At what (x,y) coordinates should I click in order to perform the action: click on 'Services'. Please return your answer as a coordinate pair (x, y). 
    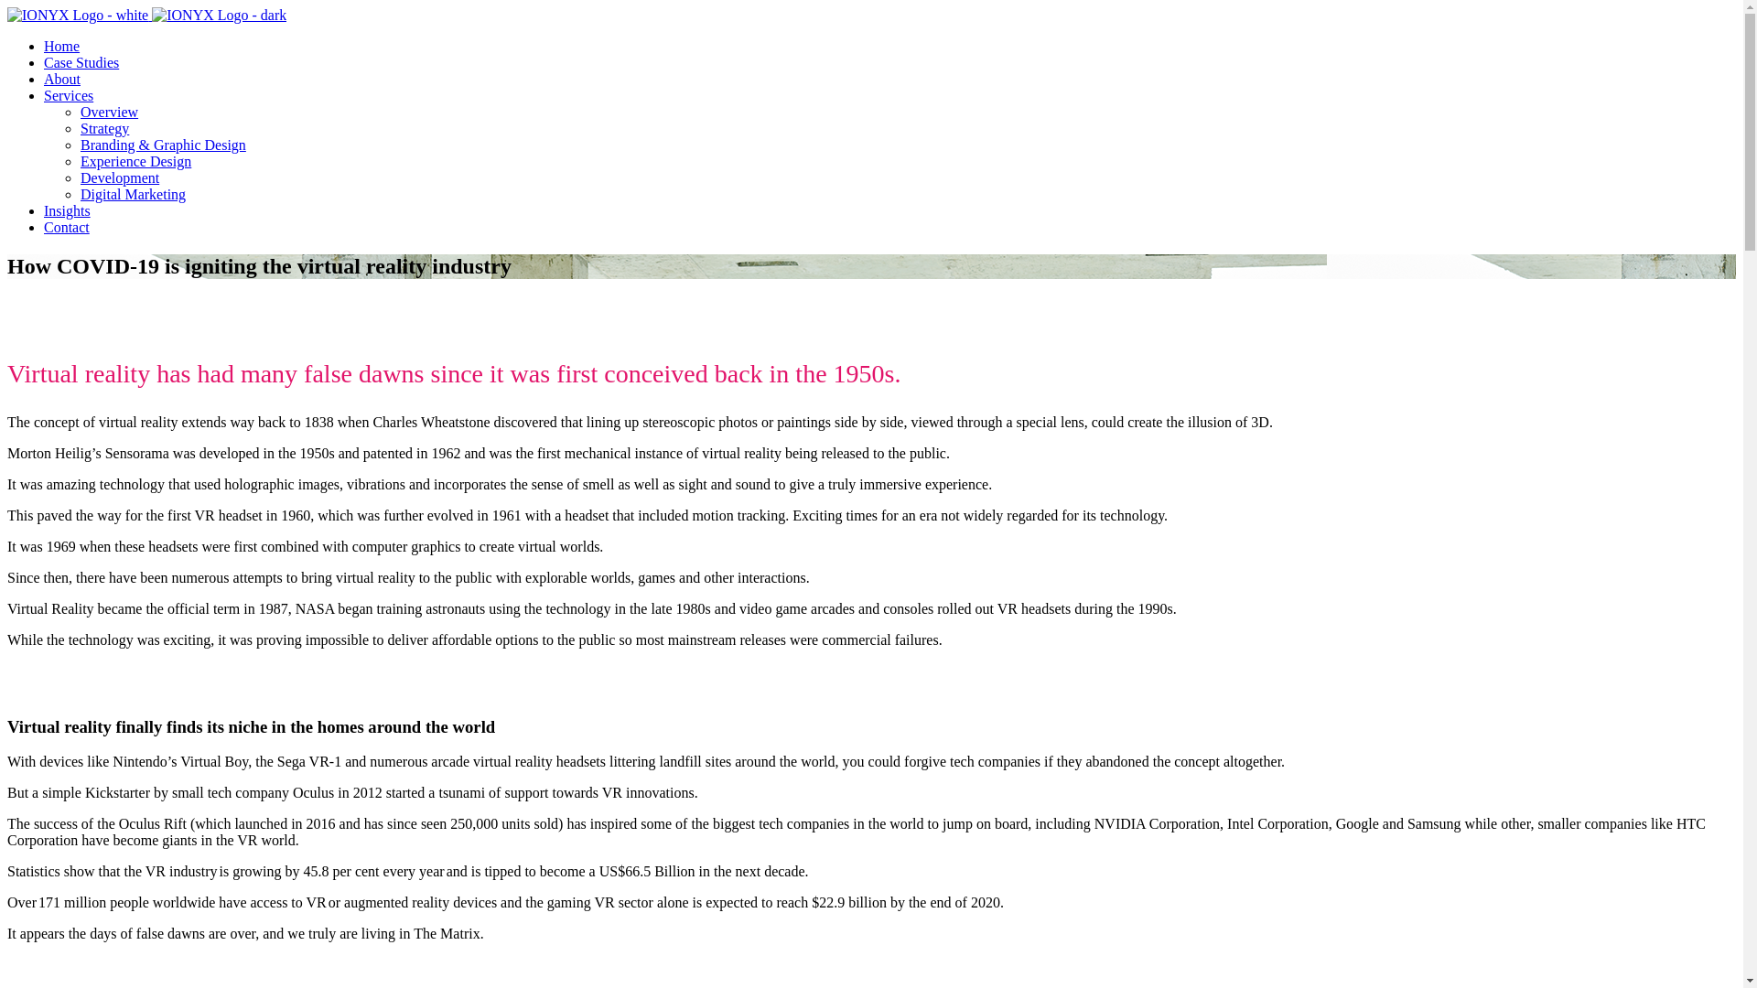
    Looking at the image, I should click on (44, 95).